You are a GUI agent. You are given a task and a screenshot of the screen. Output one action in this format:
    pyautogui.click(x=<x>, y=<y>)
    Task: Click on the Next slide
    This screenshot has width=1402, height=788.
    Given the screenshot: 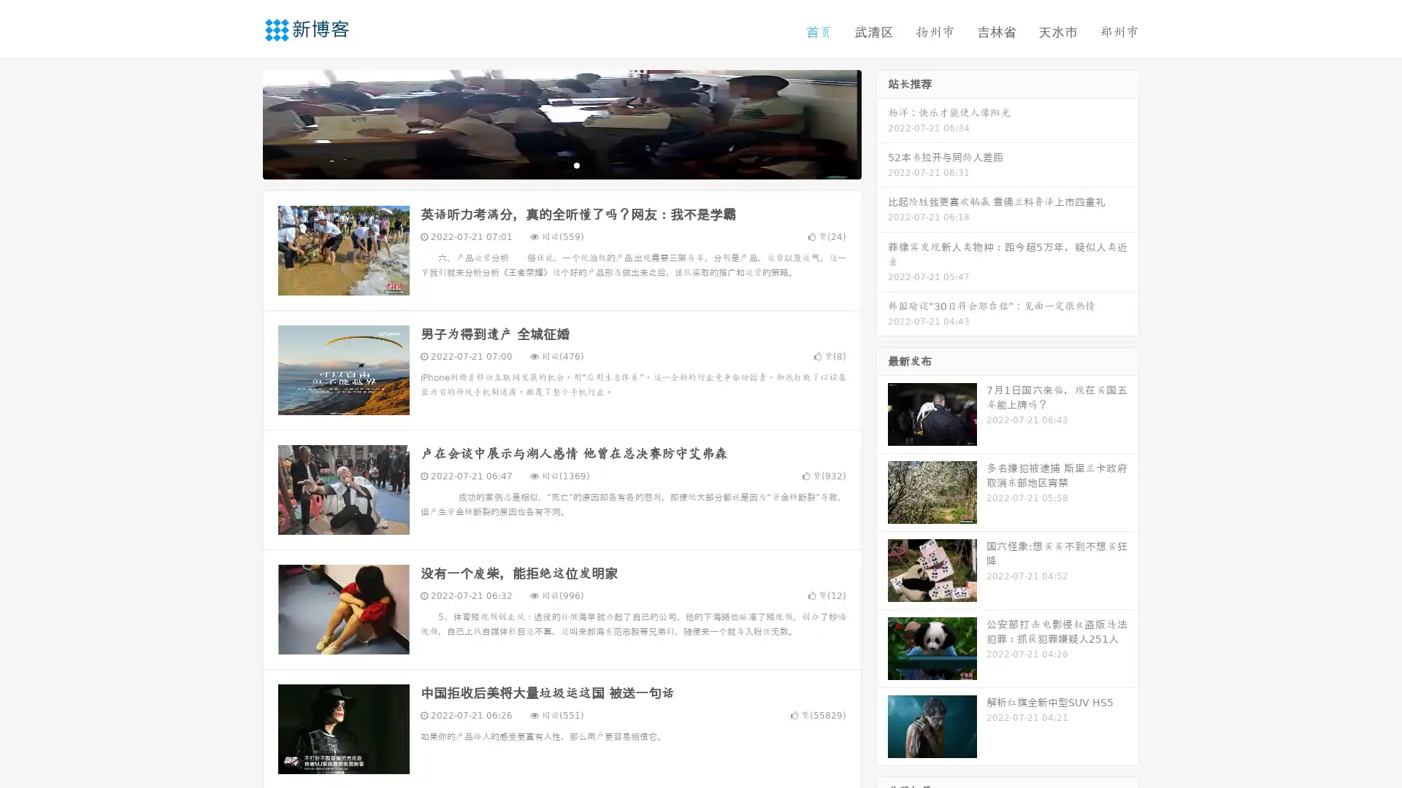 What is the action you would take?
    pyautogui.click(x=882, y=123)
    